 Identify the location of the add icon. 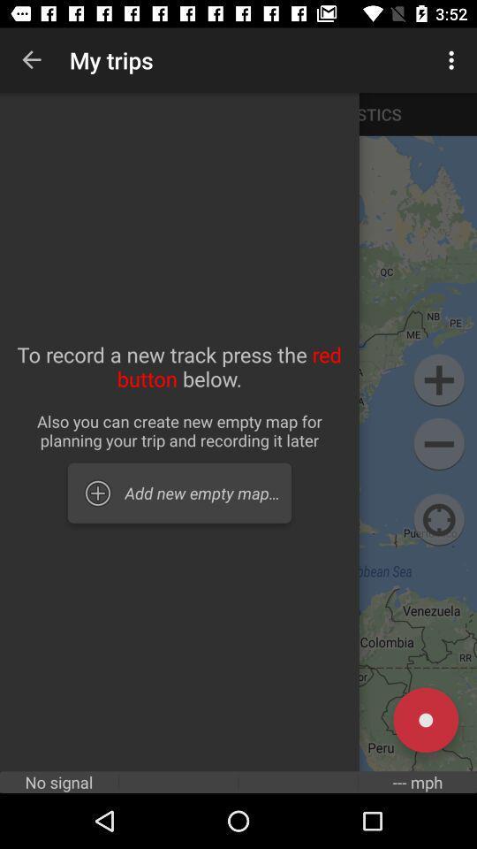
(438, 380).